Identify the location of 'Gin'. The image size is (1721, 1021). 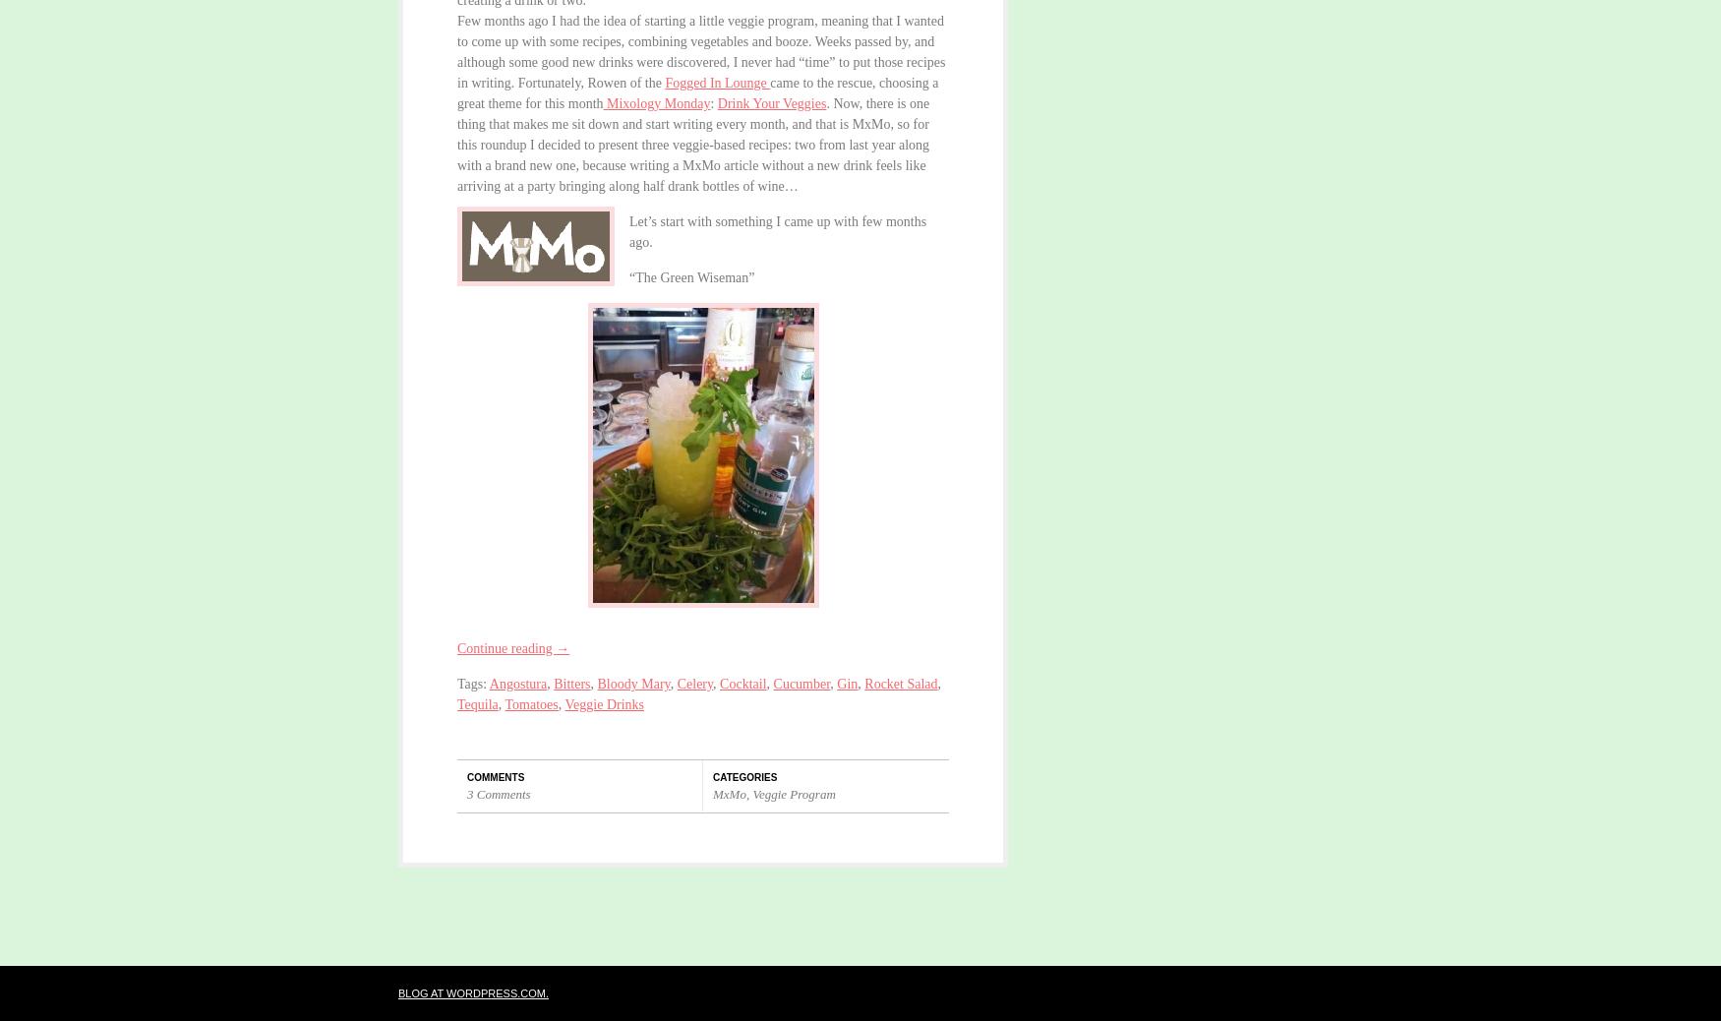
(847, 683).